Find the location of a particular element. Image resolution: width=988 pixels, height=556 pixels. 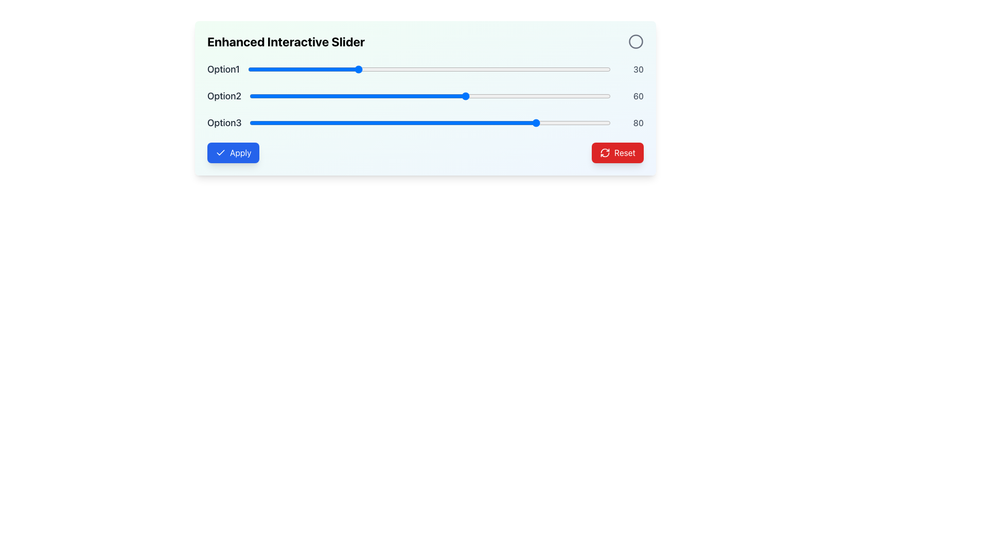

the slider for 'Option2' is located at coordinates (253, 96).